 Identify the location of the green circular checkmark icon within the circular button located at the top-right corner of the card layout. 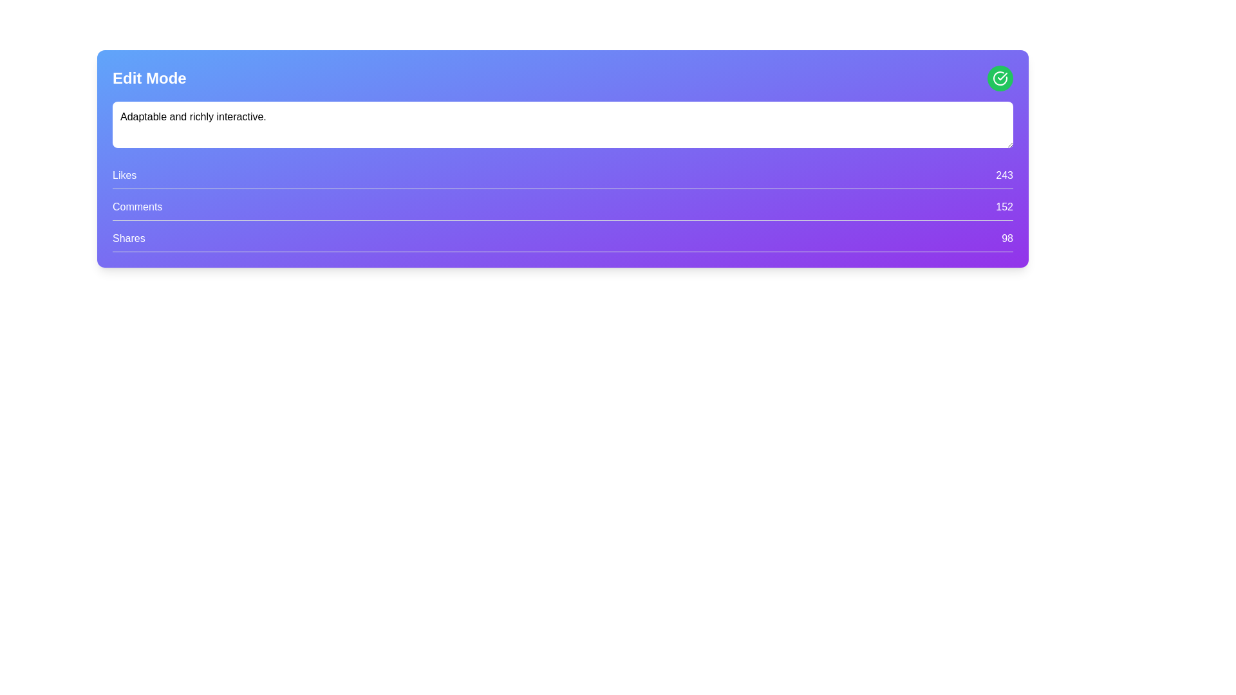
(1000, 79).